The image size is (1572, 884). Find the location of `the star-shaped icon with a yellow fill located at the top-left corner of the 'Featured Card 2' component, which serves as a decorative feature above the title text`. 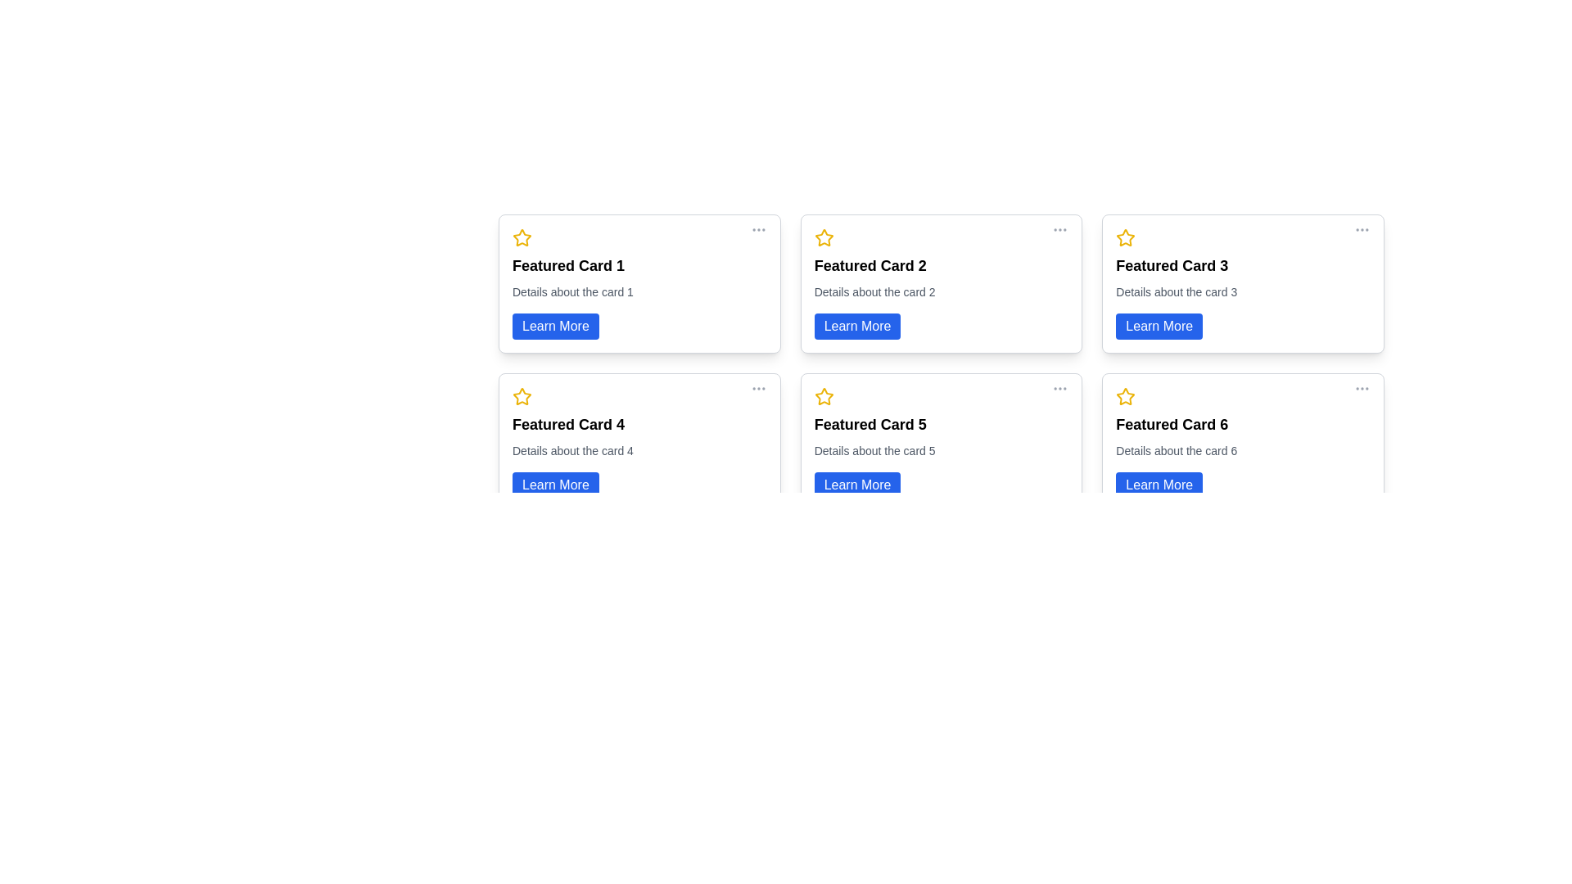

the star-shaped icon with a yellow fill located at the top-left corner of the 'Featured Card 2' component, which serves as a decorative feature above the title text is located at coordinates (824, 237).